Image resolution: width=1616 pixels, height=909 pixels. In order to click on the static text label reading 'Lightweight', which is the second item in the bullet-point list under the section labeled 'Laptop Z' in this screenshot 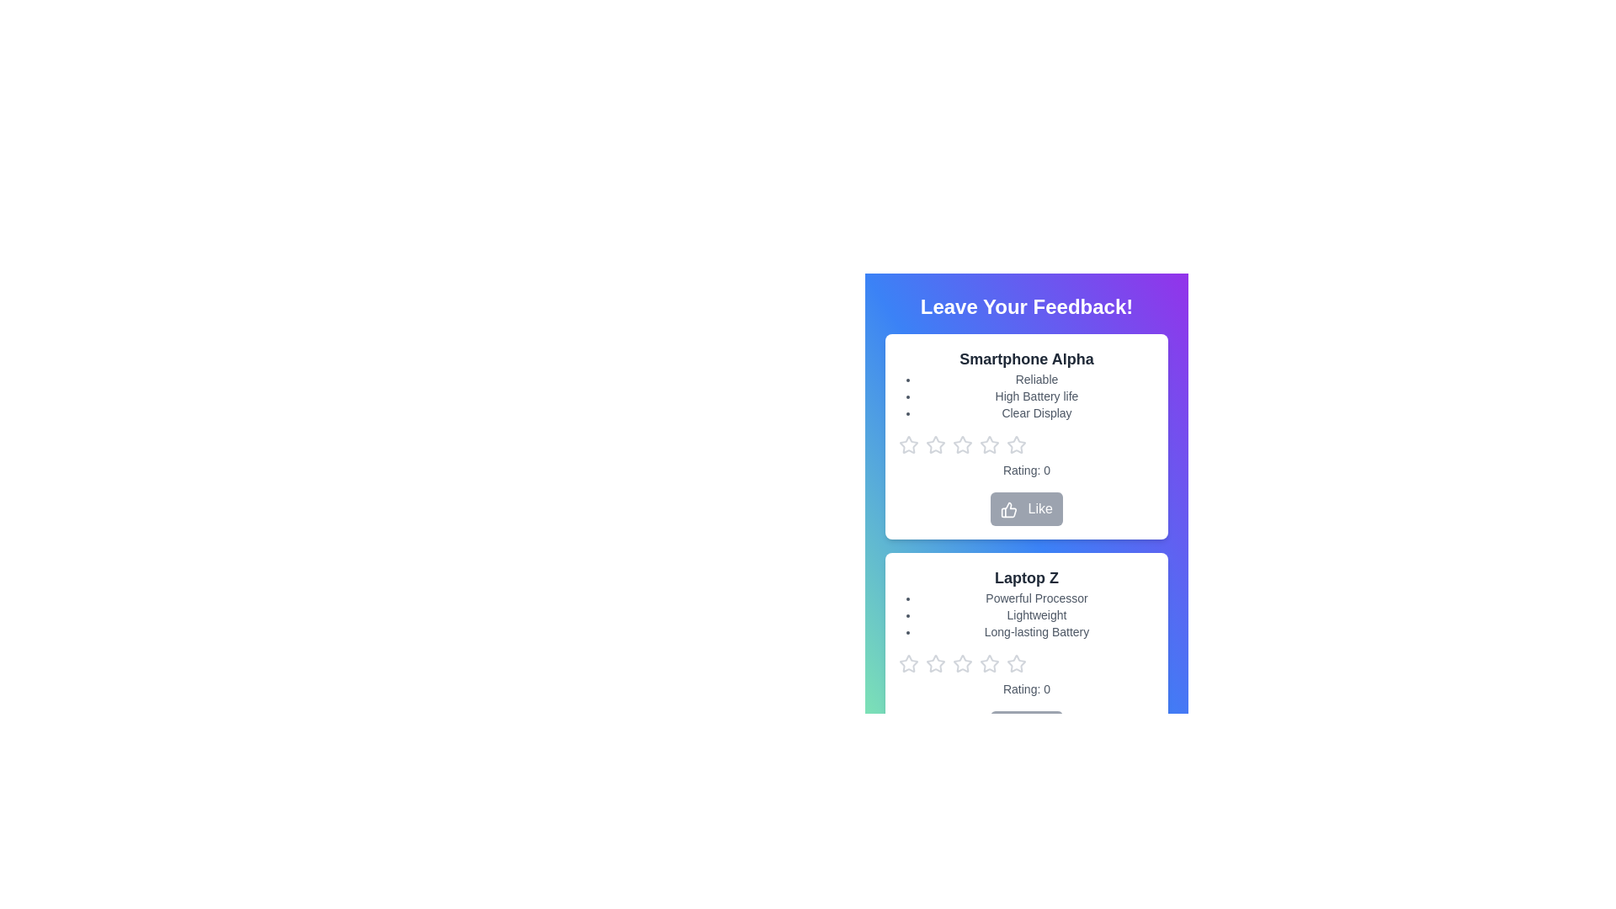, I will do `click(1036, 615)`.